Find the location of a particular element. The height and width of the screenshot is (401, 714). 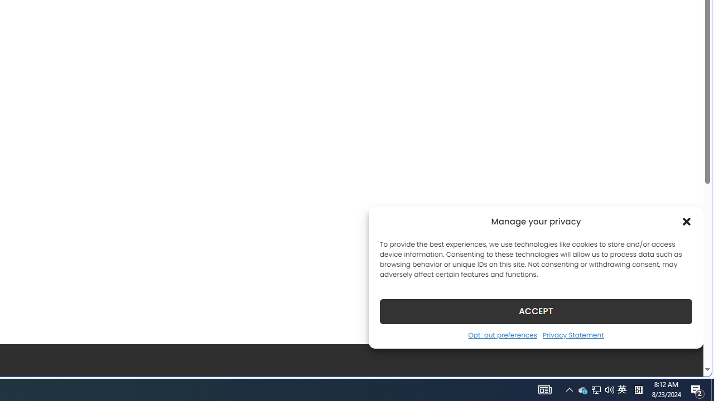

'Privacy Statement' is located at coordinates (573, 334).